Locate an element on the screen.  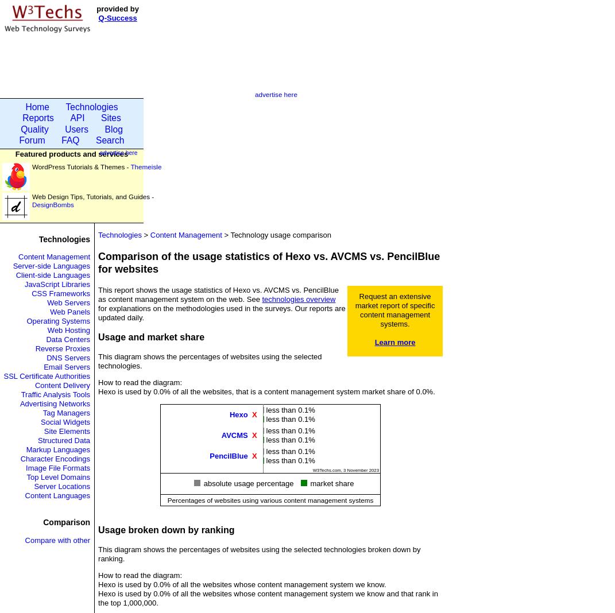
'Content Management' is located at coordinates (54, 257).